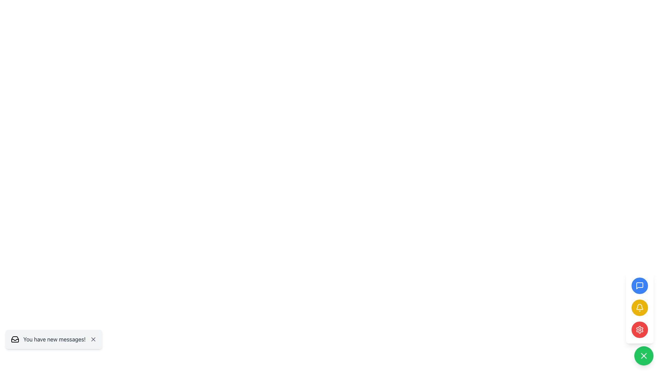  Describe the element at coordinates (639, 307) in the screenshot. I see `the rounded yellow button with a white bell icon located between the blue speech bubble button above it and the red gear button below it` at that location.